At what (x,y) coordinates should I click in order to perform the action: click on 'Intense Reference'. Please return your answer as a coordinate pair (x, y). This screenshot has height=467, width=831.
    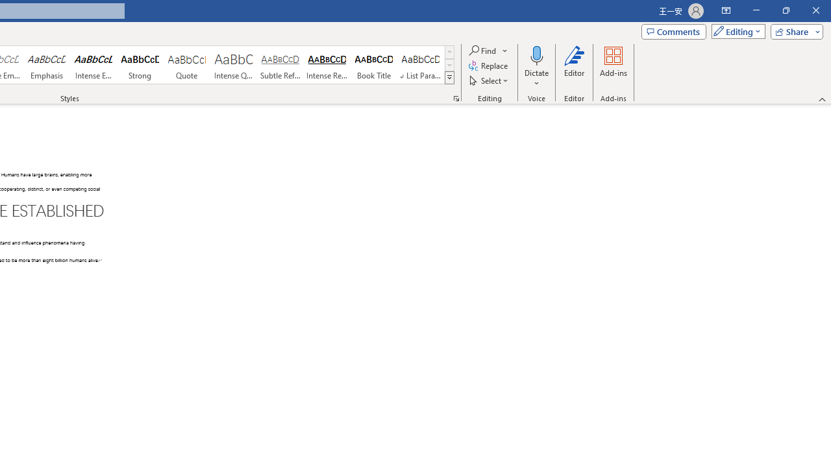
    Looking at the image, I should click on (327, 65).